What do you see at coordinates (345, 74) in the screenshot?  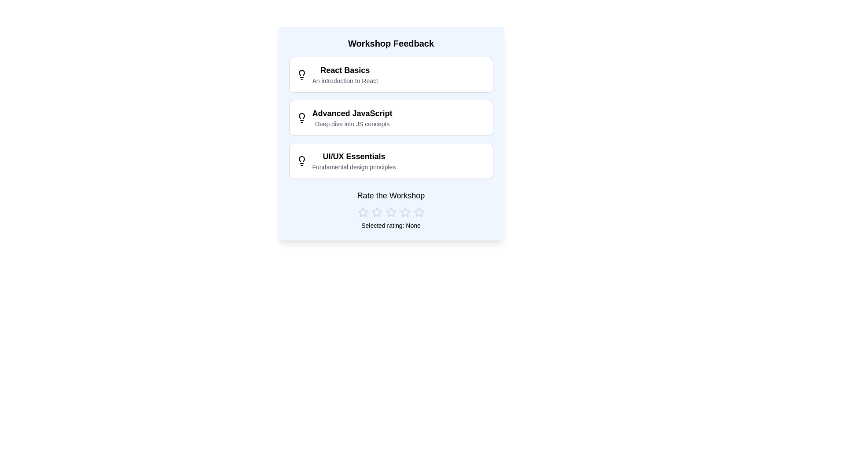 I see `text from the title and description of the introductory session on React, located in the first of the three vertically stacked cards in the 'Workshop Feedback' section, positioned to the right of a light bulb icon` at bounding box center [345, 74].